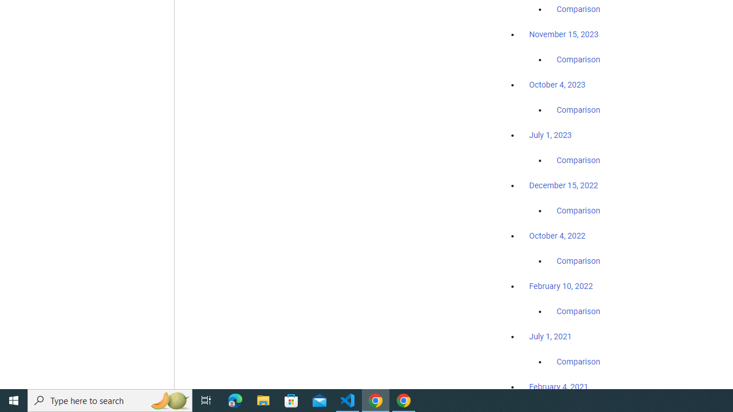 The image size is (733, 412). I want to click on 'July 1, 2023', so click(550, 134).